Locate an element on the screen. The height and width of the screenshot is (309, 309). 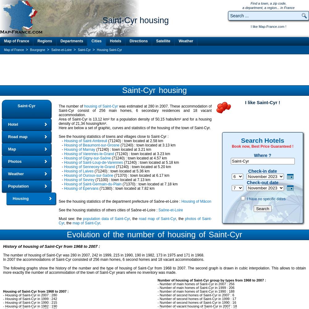
'(71240) : town located at 2.58 km' is located at coordinates (135, 141).